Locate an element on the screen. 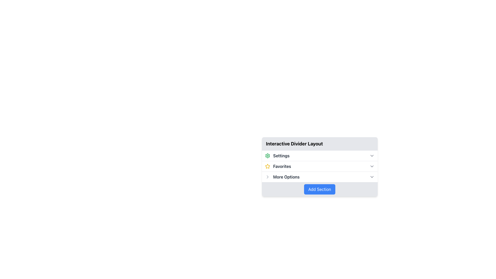  the 'Add Section' button with a blue background and bold white text is located at coordinates (319, 189).